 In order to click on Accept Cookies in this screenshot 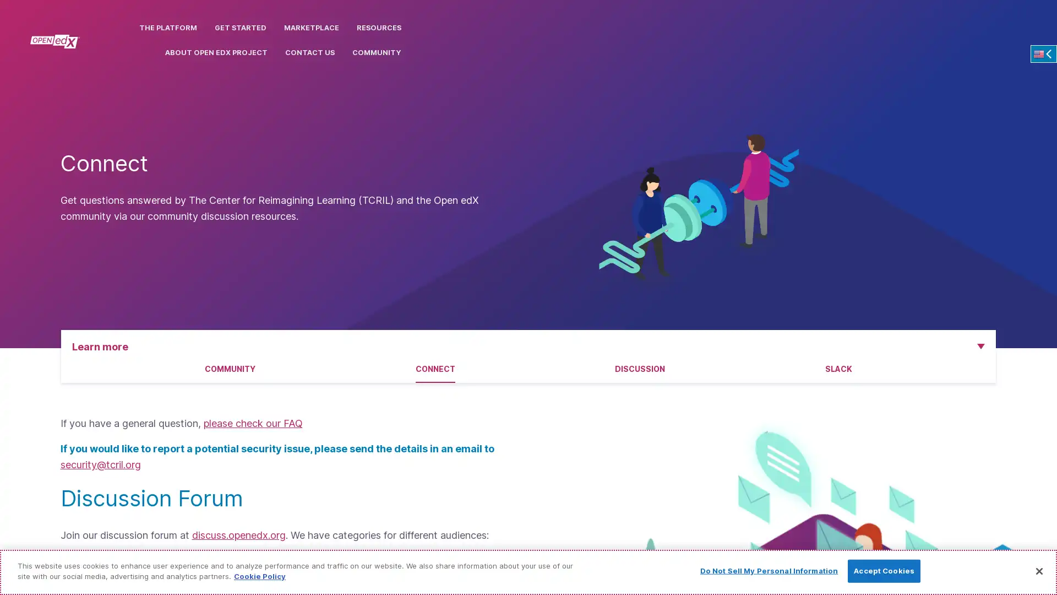, I will do `click(884, 570)`.